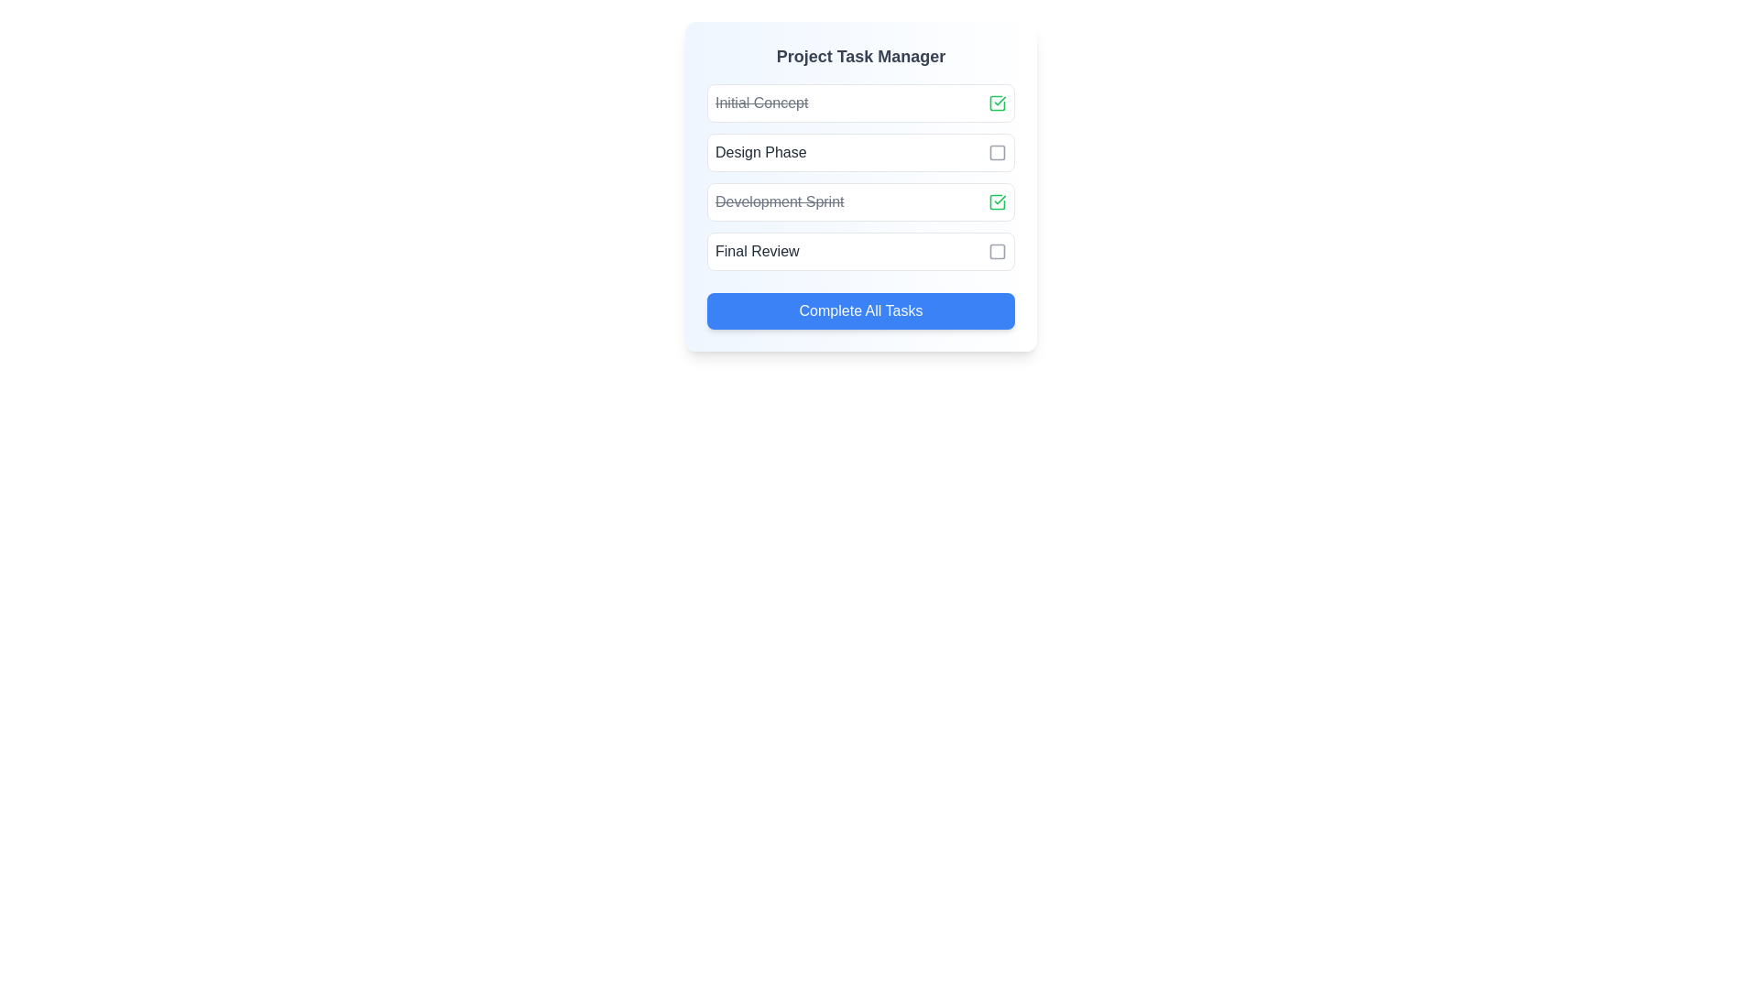 This screenshot has height=989, width=1759. What do you see at coordinates (757, 251) in the screenshot?
I see `the text label that serves as a descriptor for the third item in the checklist, located between the checkbox and adjacent text` at bounding box center [757, 251].